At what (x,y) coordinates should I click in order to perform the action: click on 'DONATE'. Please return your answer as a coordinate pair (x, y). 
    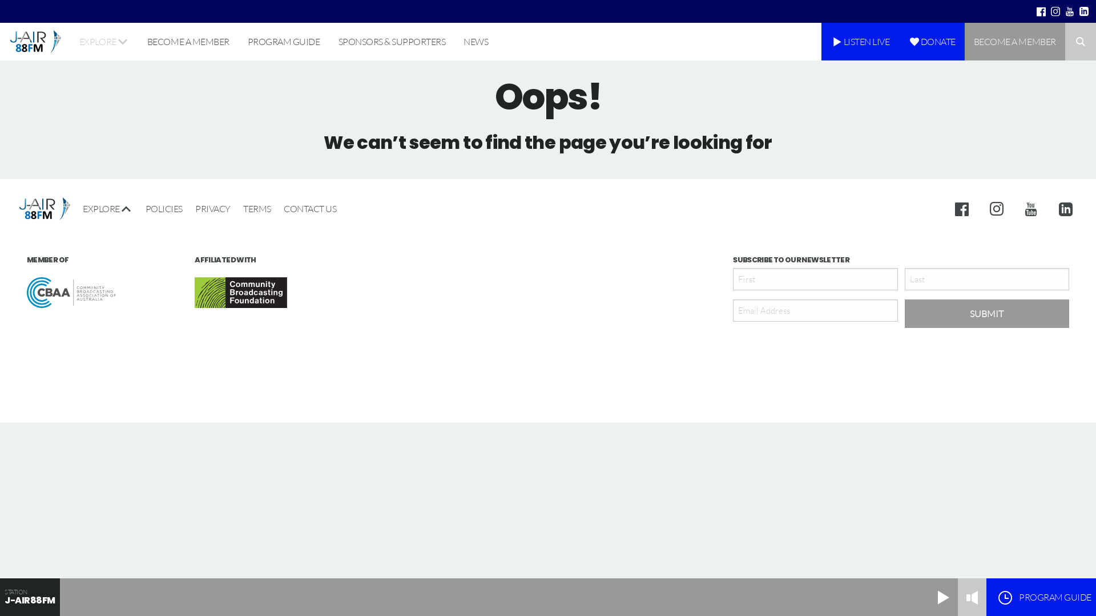
    Looking at the image, I should click on (932, 41).